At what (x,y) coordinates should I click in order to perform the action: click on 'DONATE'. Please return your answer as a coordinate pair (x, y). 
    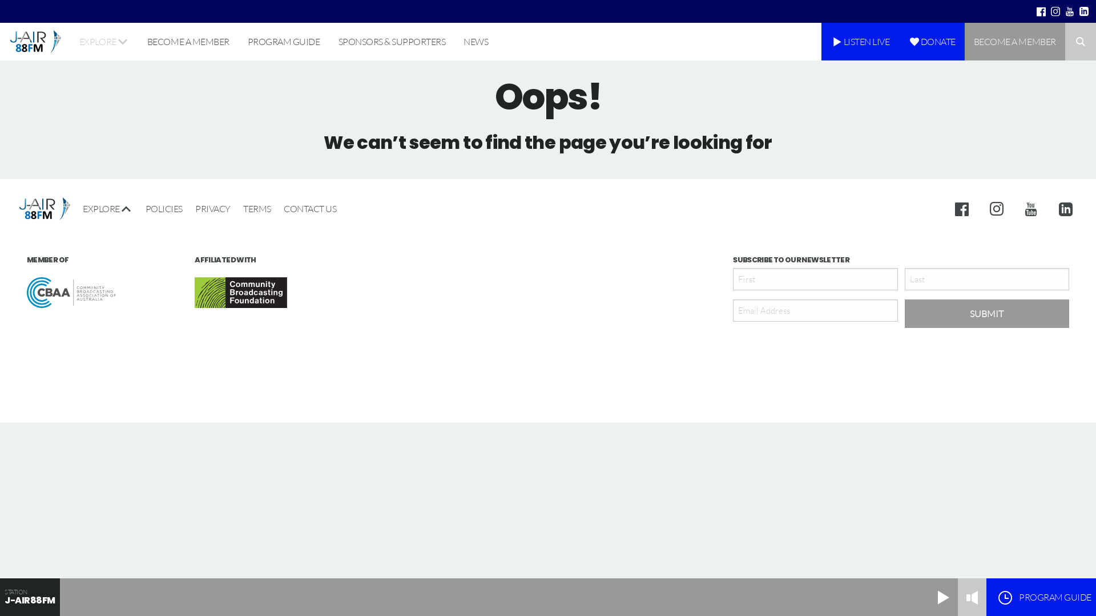
    Looking at the image, I should click on (932, 41).